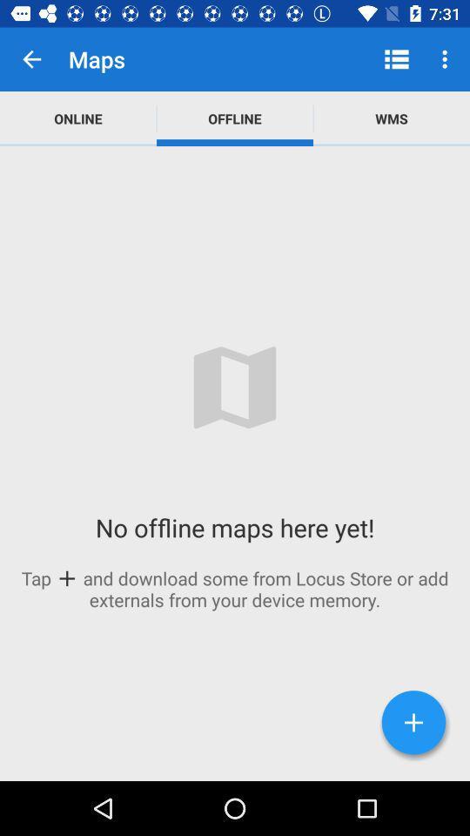  What do you see at coordinates (77, 118) in the screenshot?
I see `the app to the left of the offline` at bounding box center [77, 118].